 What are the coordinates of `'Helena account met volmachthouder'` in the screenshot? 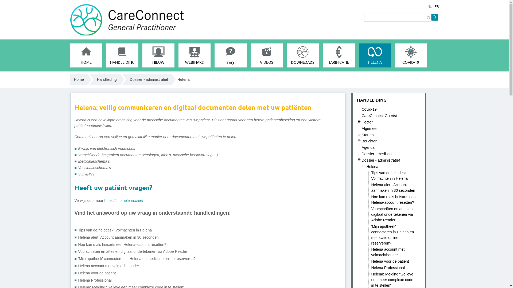 It's located at (108, 266).